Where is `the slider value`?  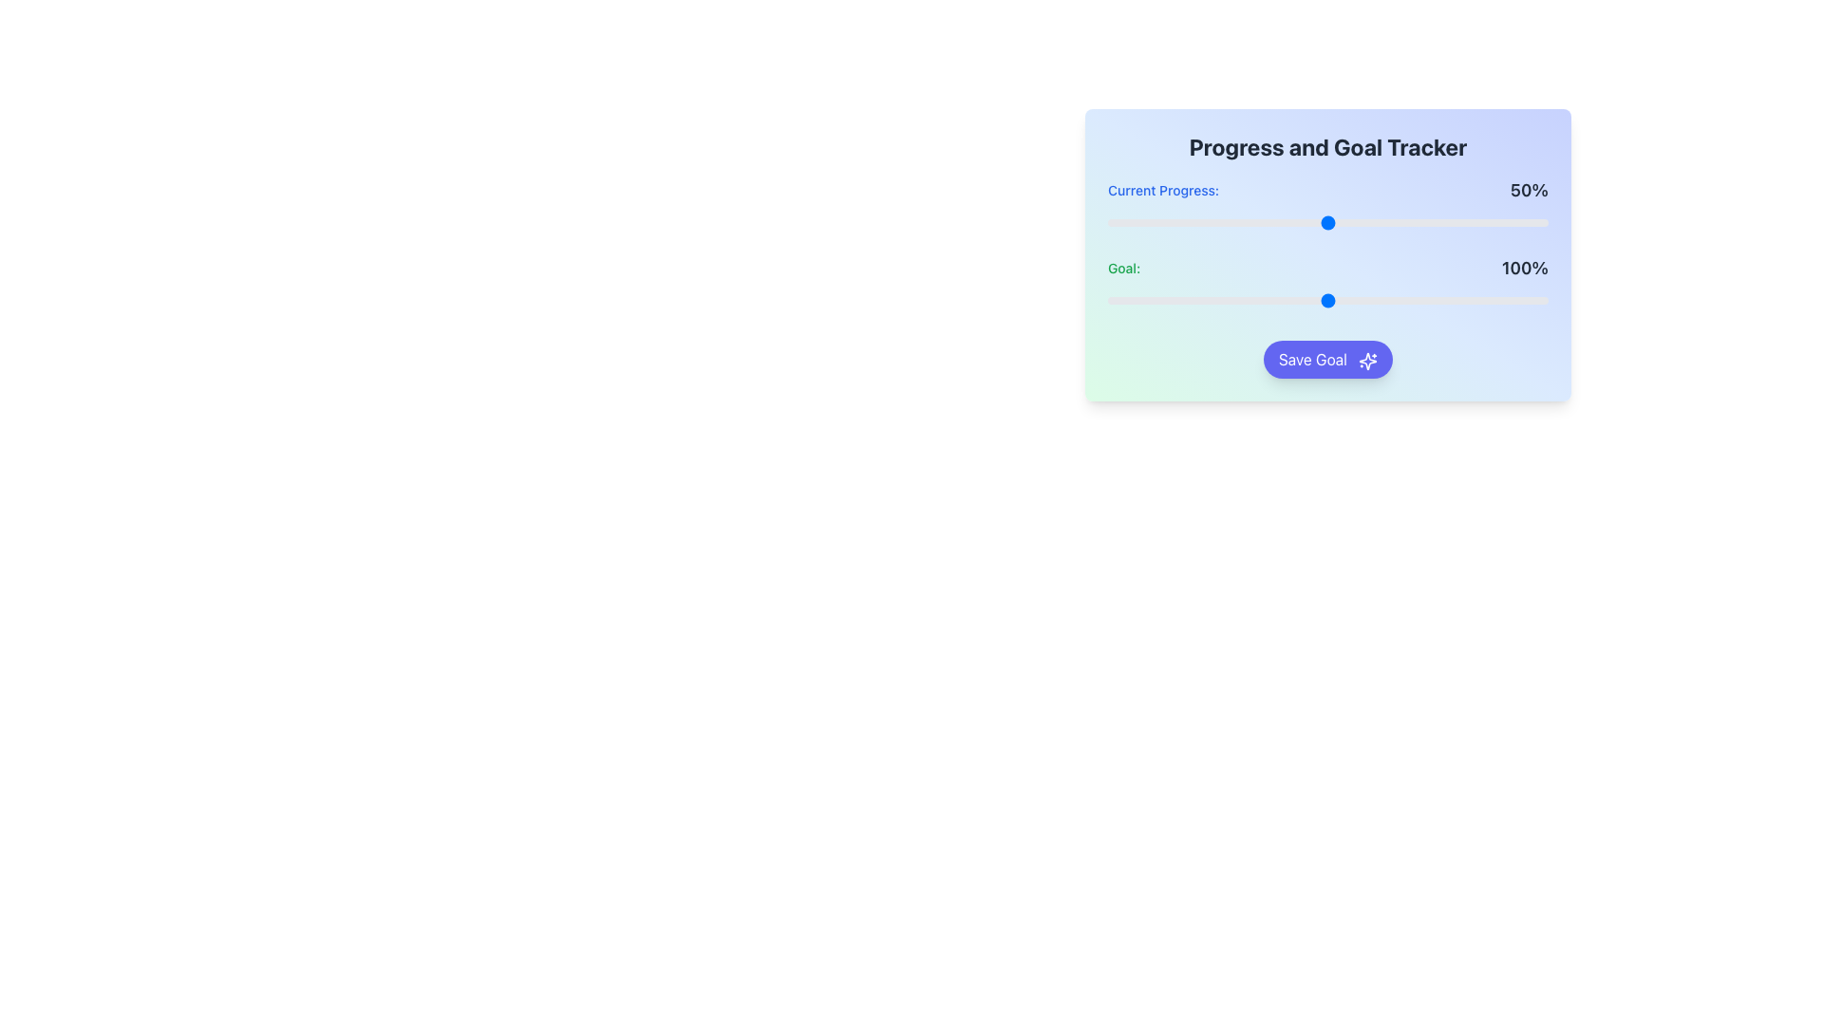
the slider value is located at coordinates (1488, 299).